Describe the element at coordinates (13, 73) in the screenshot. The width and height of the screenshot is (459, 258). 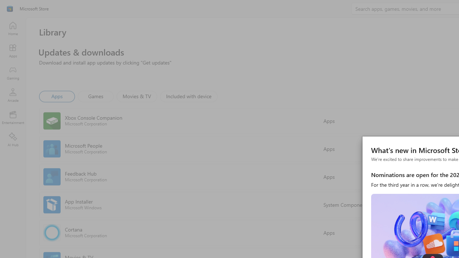
I see `'Gaming'` at that location.